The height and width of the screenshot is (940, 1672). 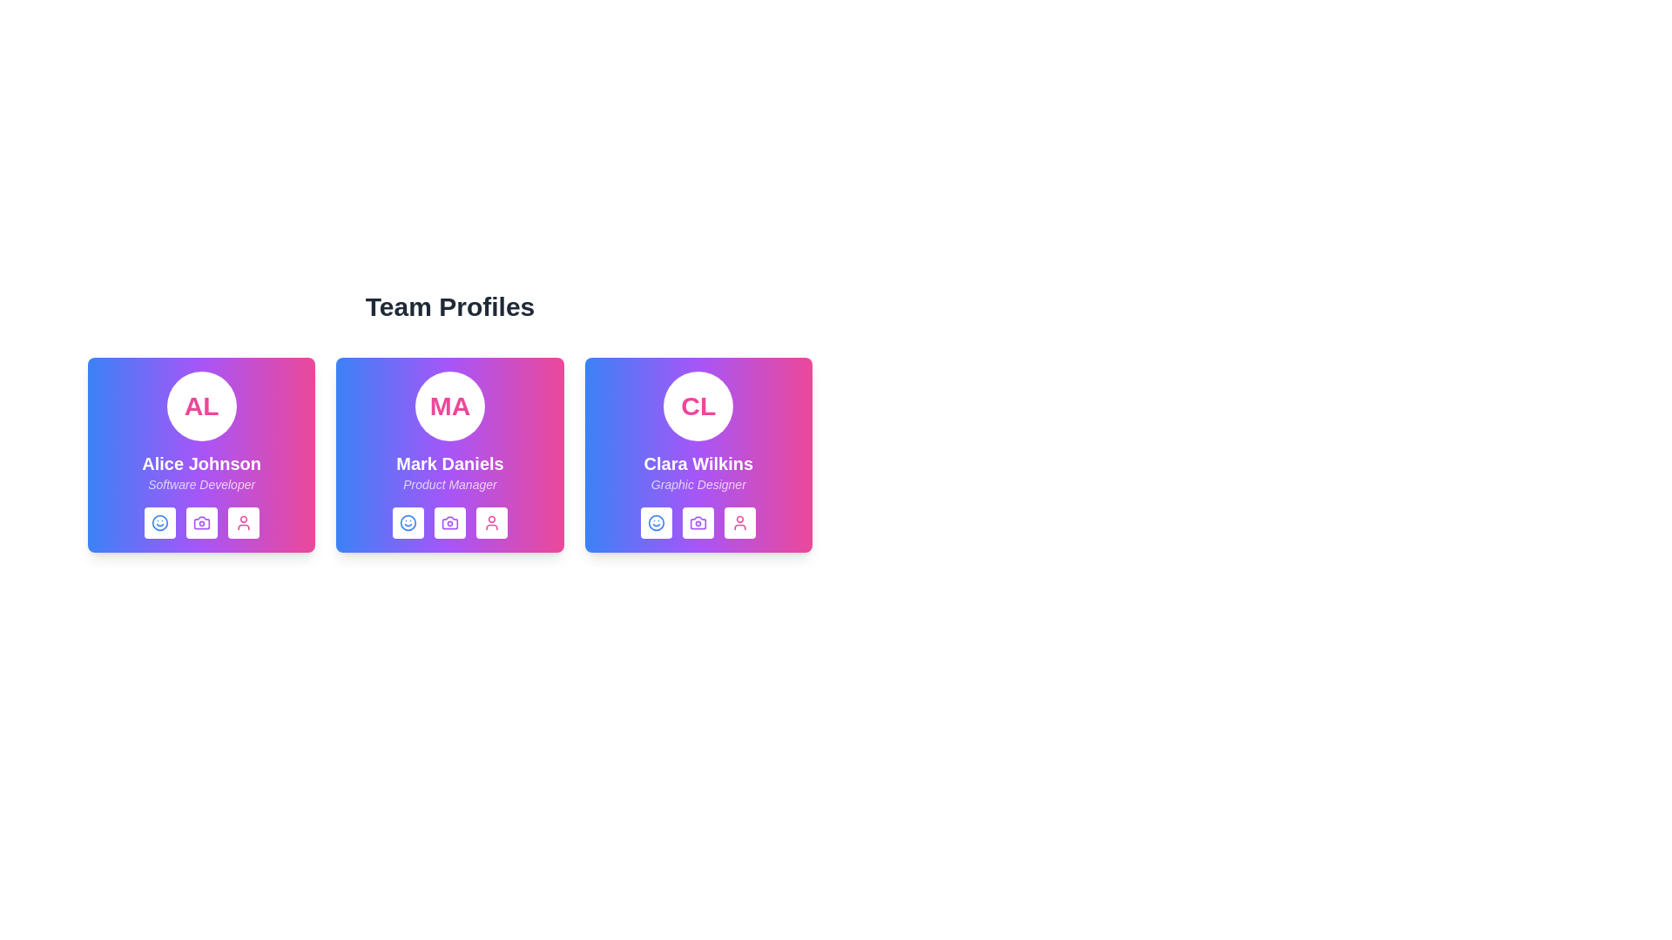 I want to click on the Profile placeholder displaying the initials 'AJ' for team member Alice Johnson, located in the top portion of the gradient card in the 'Team Profiles' section, so click(x=201, y=406).